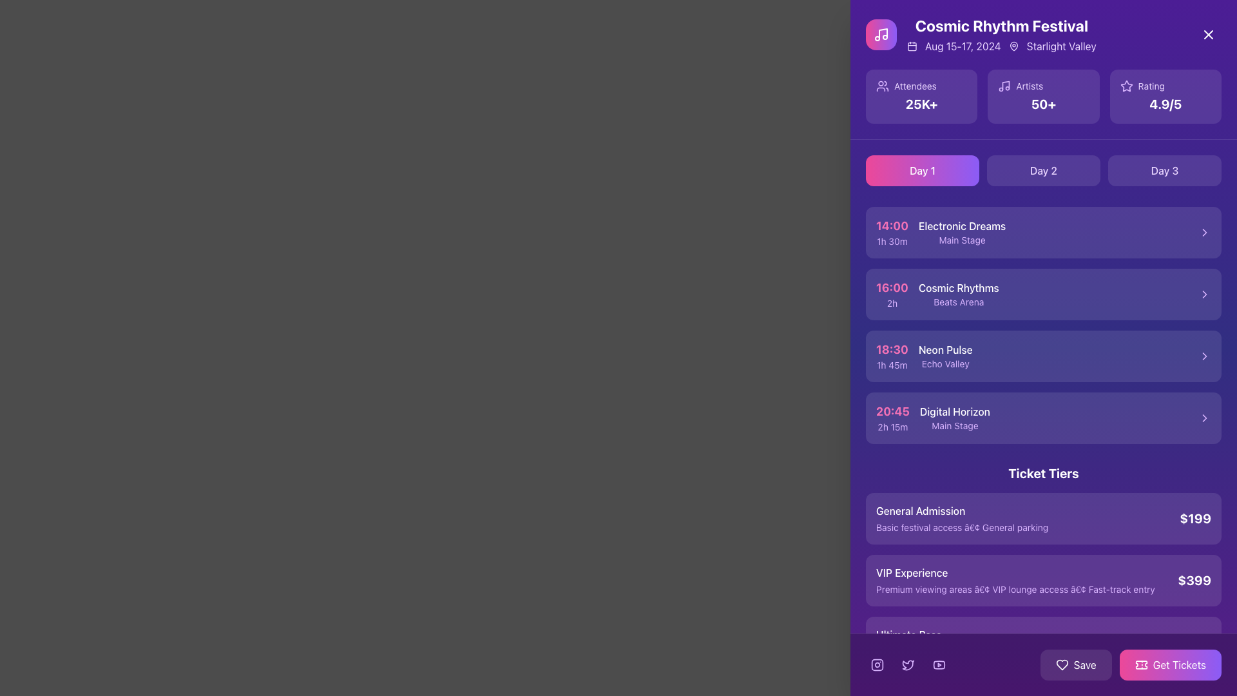 The width and height of the screenshot is (1237, 696). Describe the element at coordinates (955, 425) in the screenshot. I see `the 'Main Stage' label, which is styled in a small, purple font and positioned below the 'Digital Horizon' label in the schedule list` at that location.